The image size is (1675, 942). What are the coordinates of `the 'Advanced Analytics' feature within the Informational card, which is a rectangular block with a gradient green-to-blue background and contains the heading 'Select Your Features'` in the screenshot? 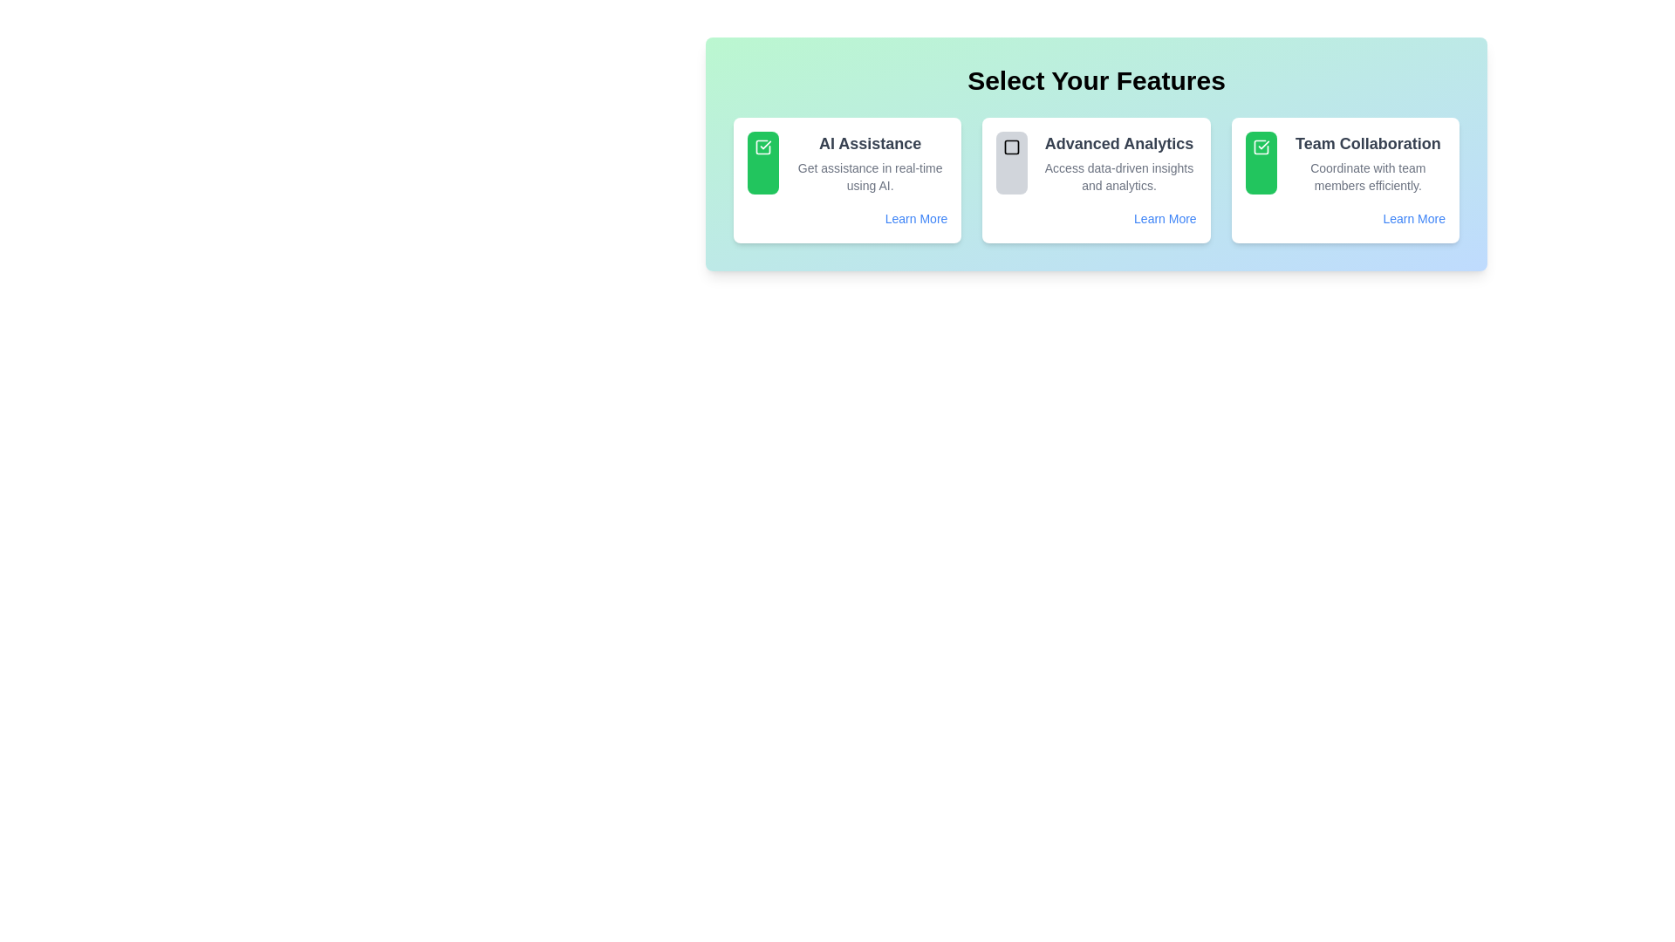 It's located at (1096, 154).